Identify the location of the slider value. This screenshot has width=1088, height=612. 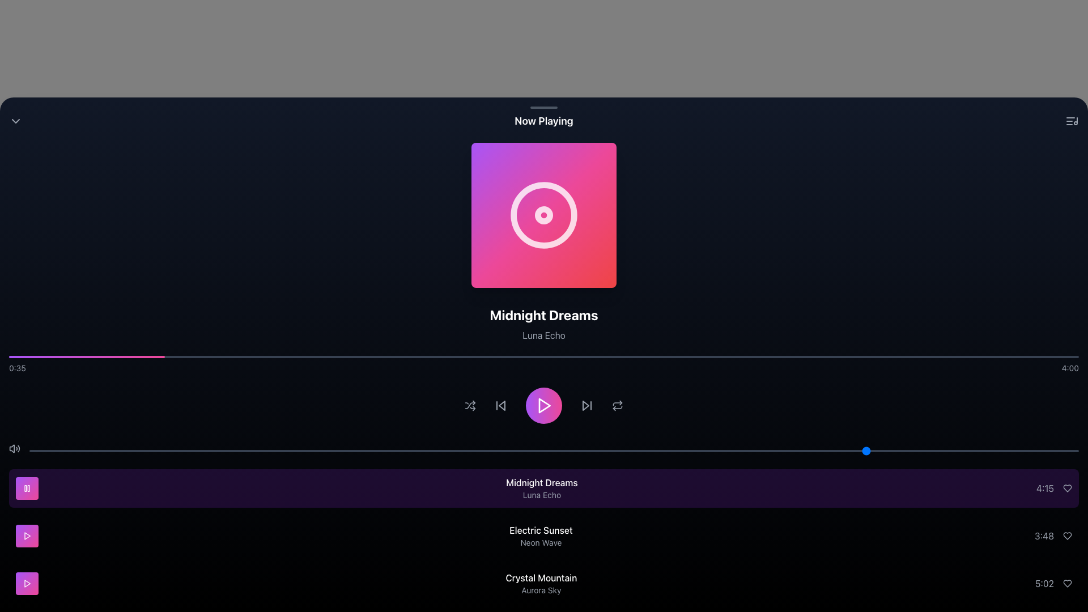
(343, 450).